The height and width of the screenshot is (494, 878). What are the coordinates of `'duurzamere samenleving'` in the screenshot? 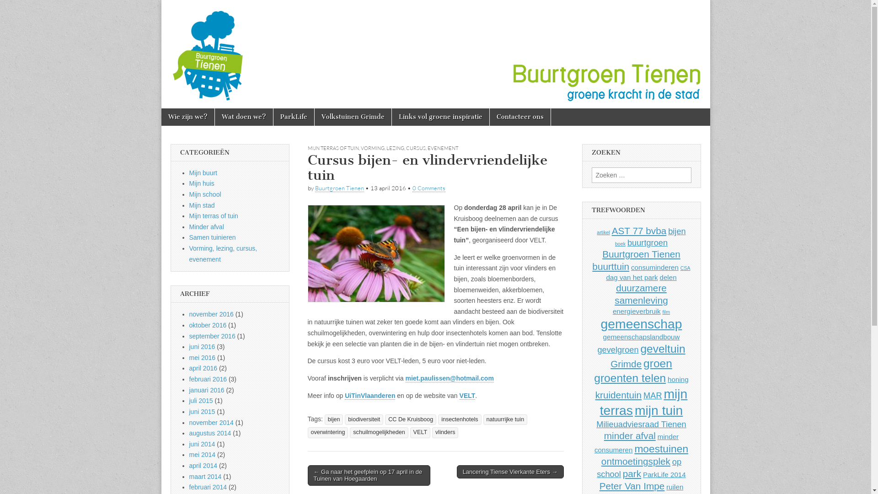 It's located at (641, 294).